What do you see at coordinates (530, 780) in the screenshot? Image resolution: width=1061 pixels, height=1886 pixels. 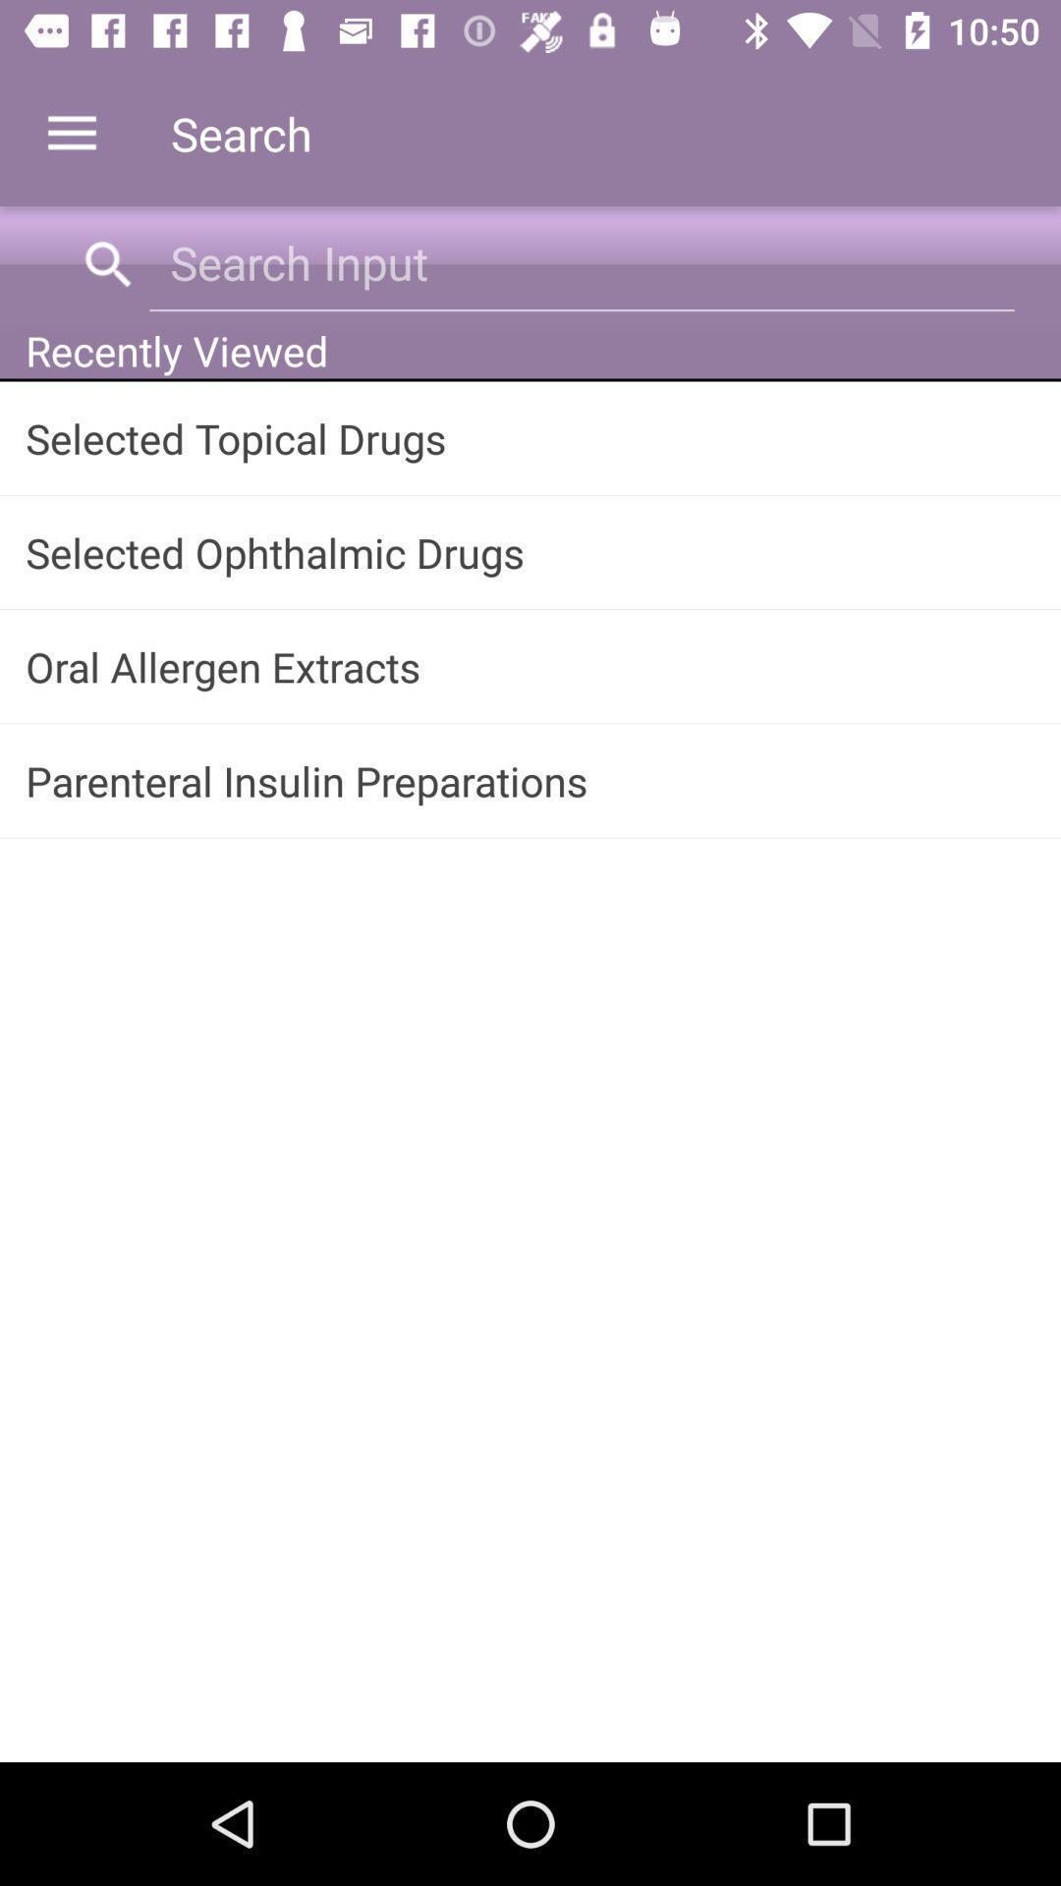 I see `the app below oral allergen extracts icon` at bounding box center [530, 780].